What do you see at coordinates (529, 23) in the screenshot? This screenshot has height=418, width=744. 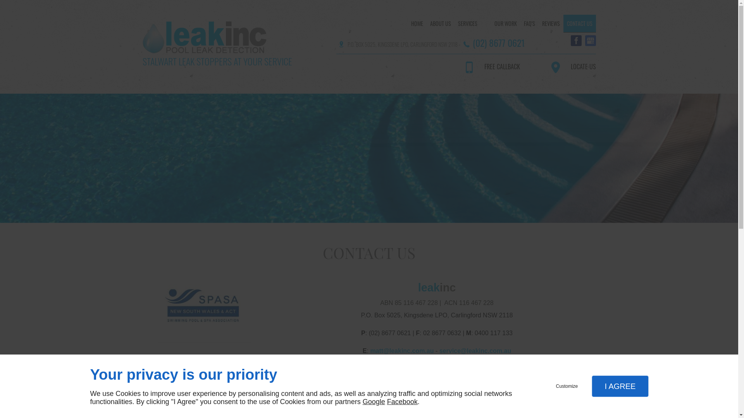 I see `'FAQ'S'` at bounding box center [529, 23].